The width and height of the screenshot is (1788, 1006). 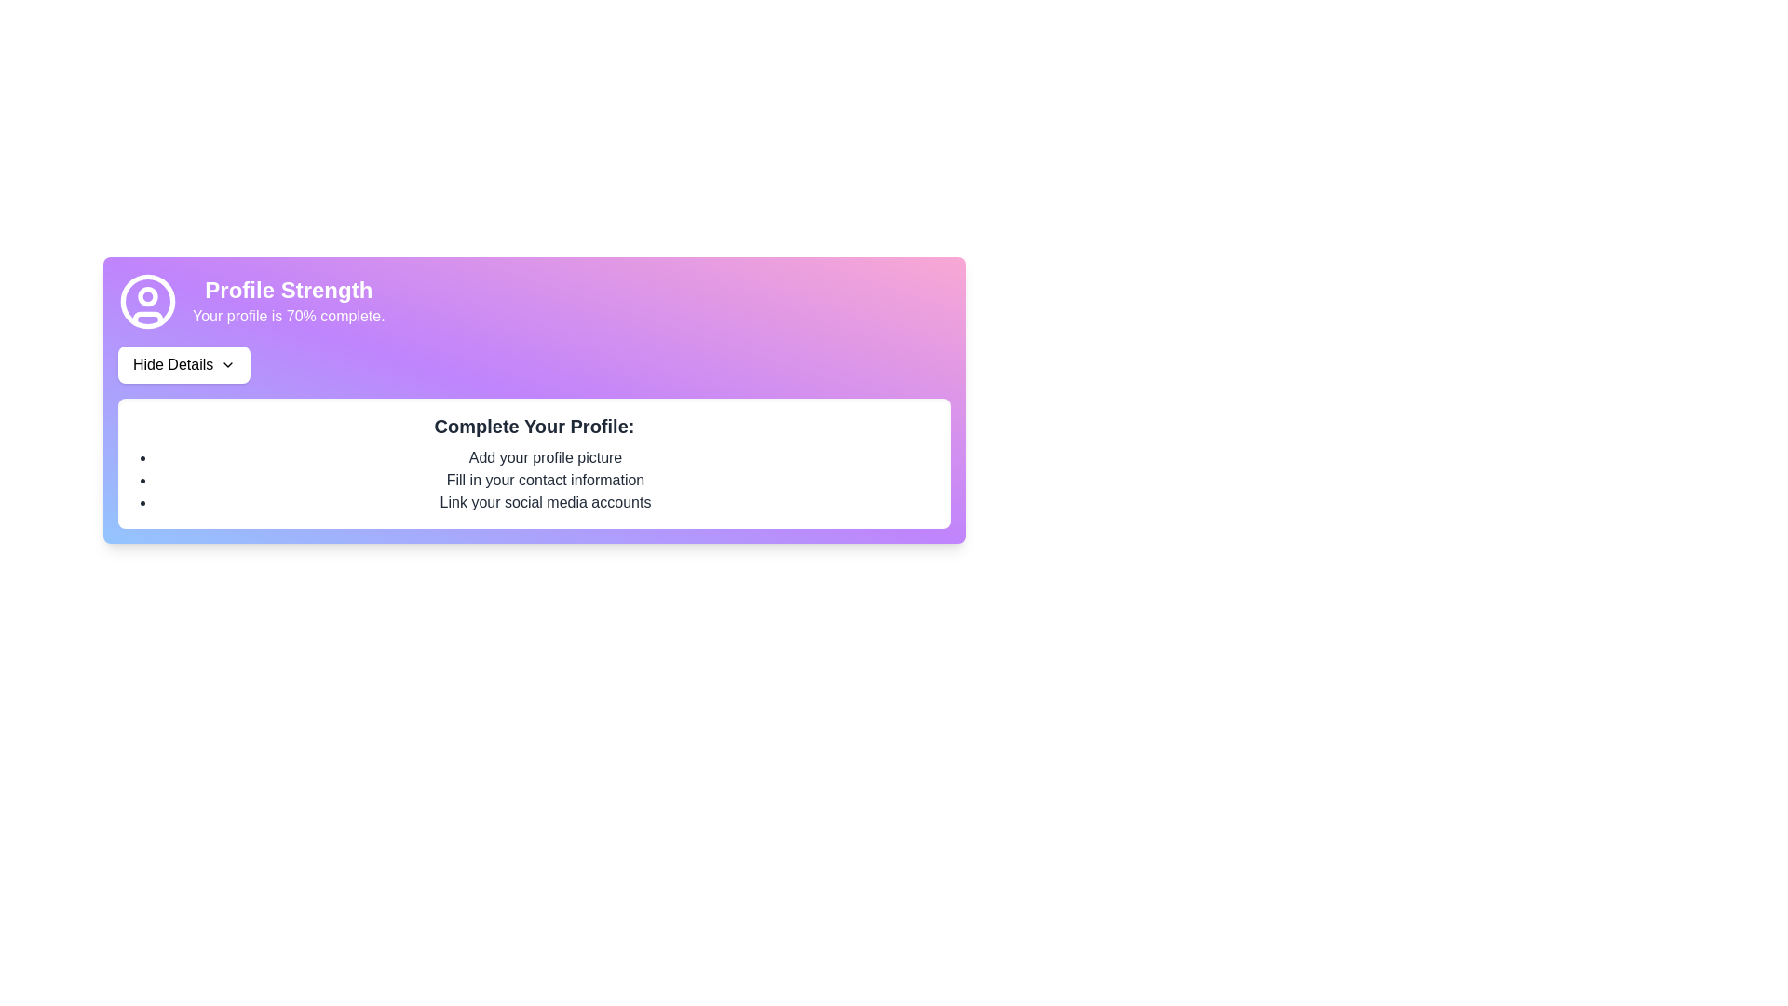 What do you see at coordinates (544, 480) in the screenshot?
I see `text label that says 'Fill in your contact information', which is the second item in the bulleted list under 'Complete Your Profile'` at bounding box center [544, 480].